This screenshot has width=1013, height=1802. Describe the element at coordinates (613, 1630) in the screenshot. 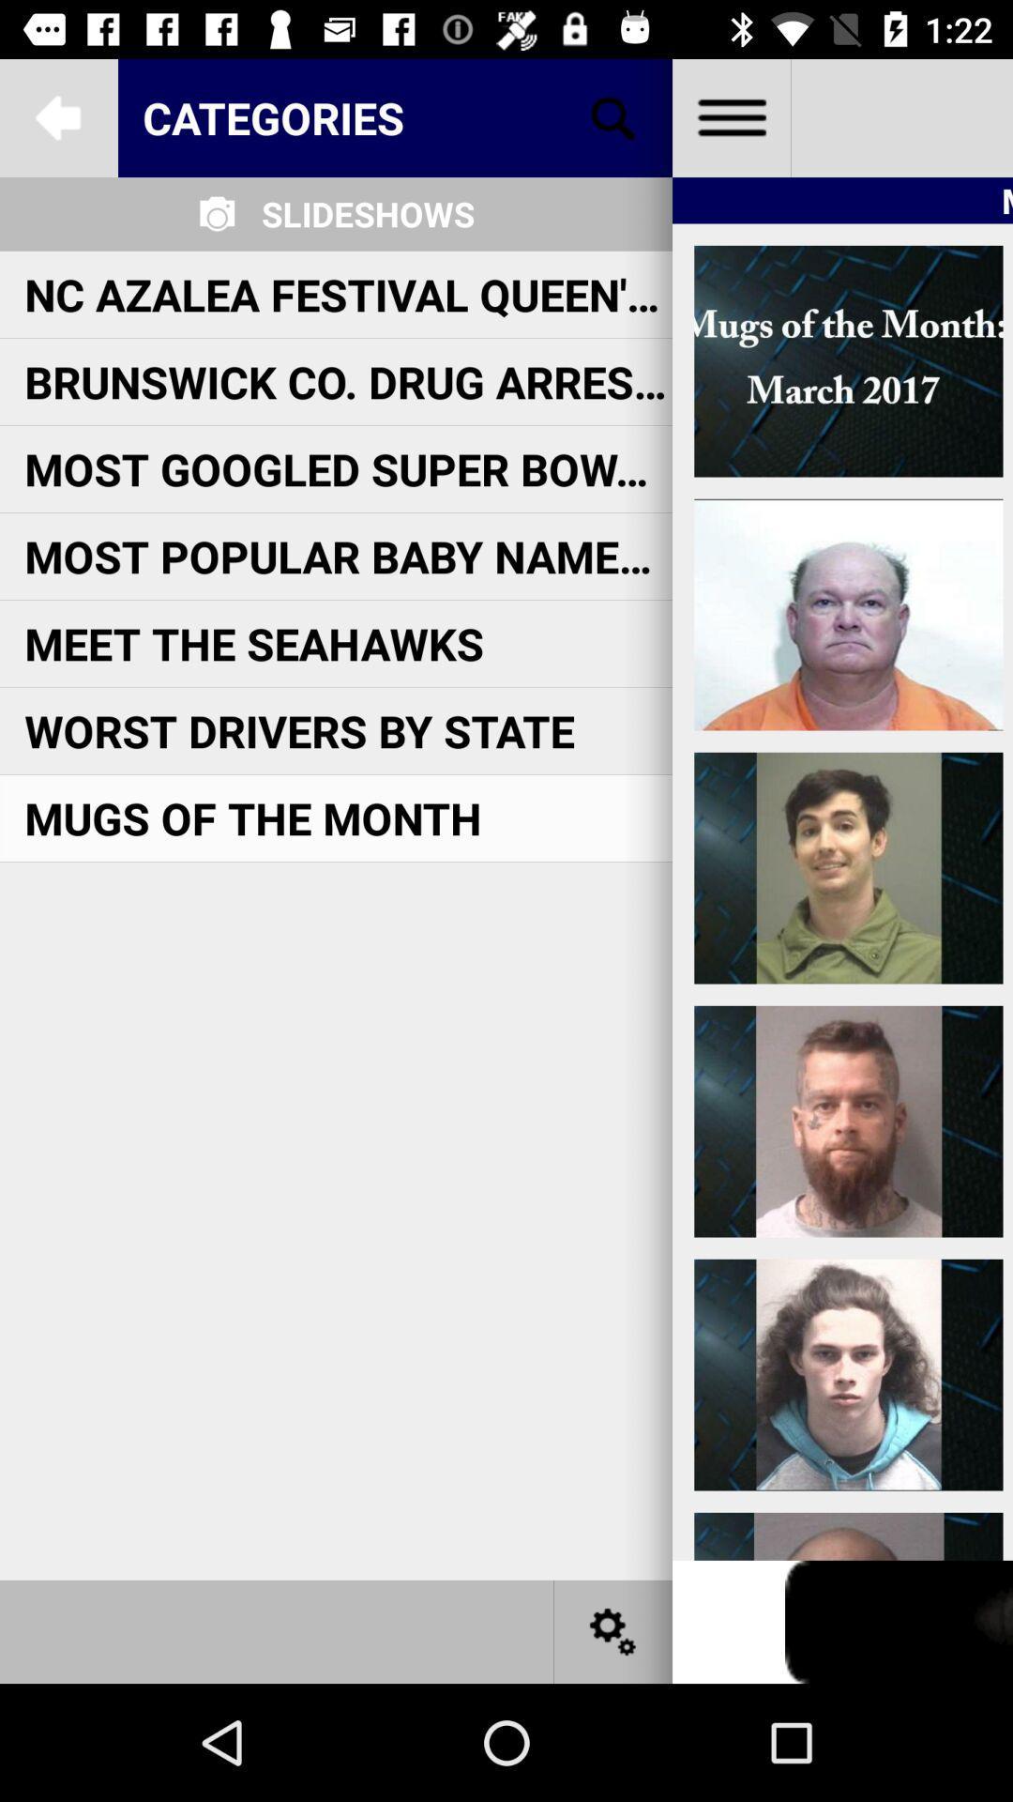

I see `the settings icon` at that location.